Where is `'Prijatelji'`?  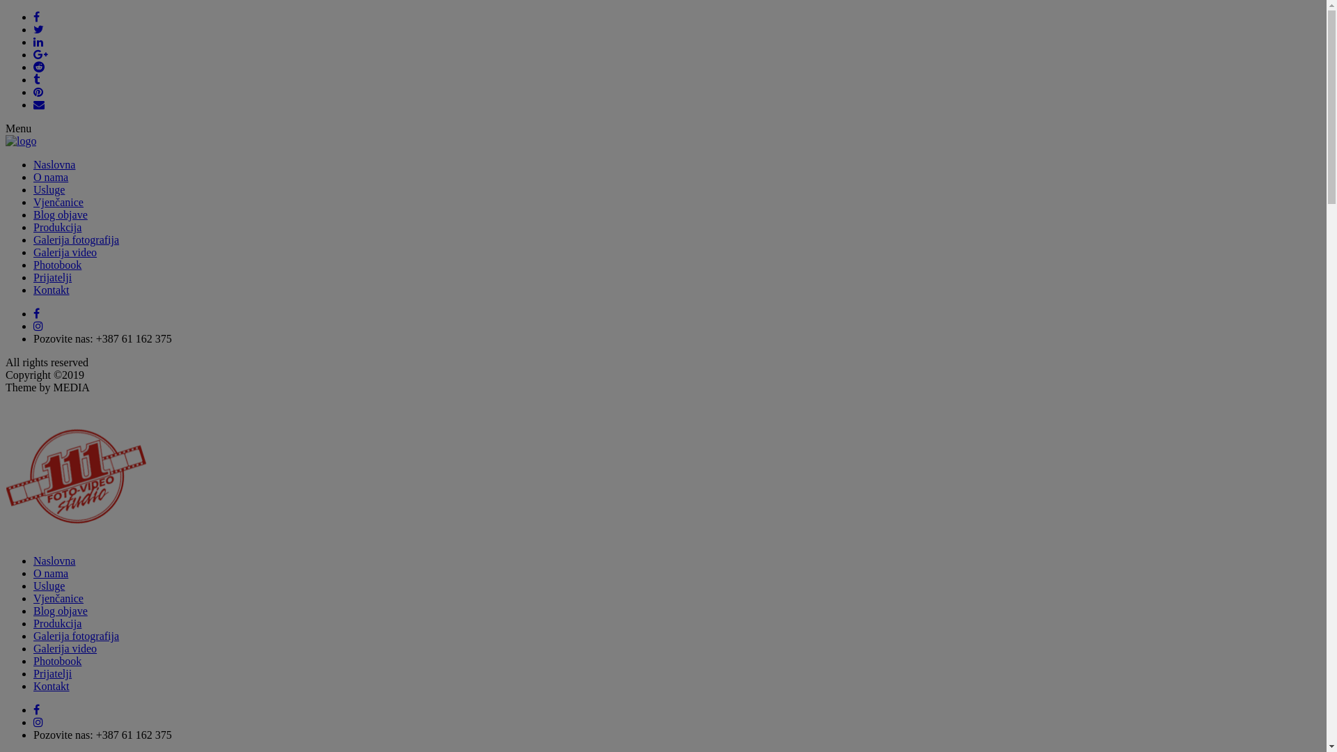
'Prijatelji' is located at coordinates (52, 673).